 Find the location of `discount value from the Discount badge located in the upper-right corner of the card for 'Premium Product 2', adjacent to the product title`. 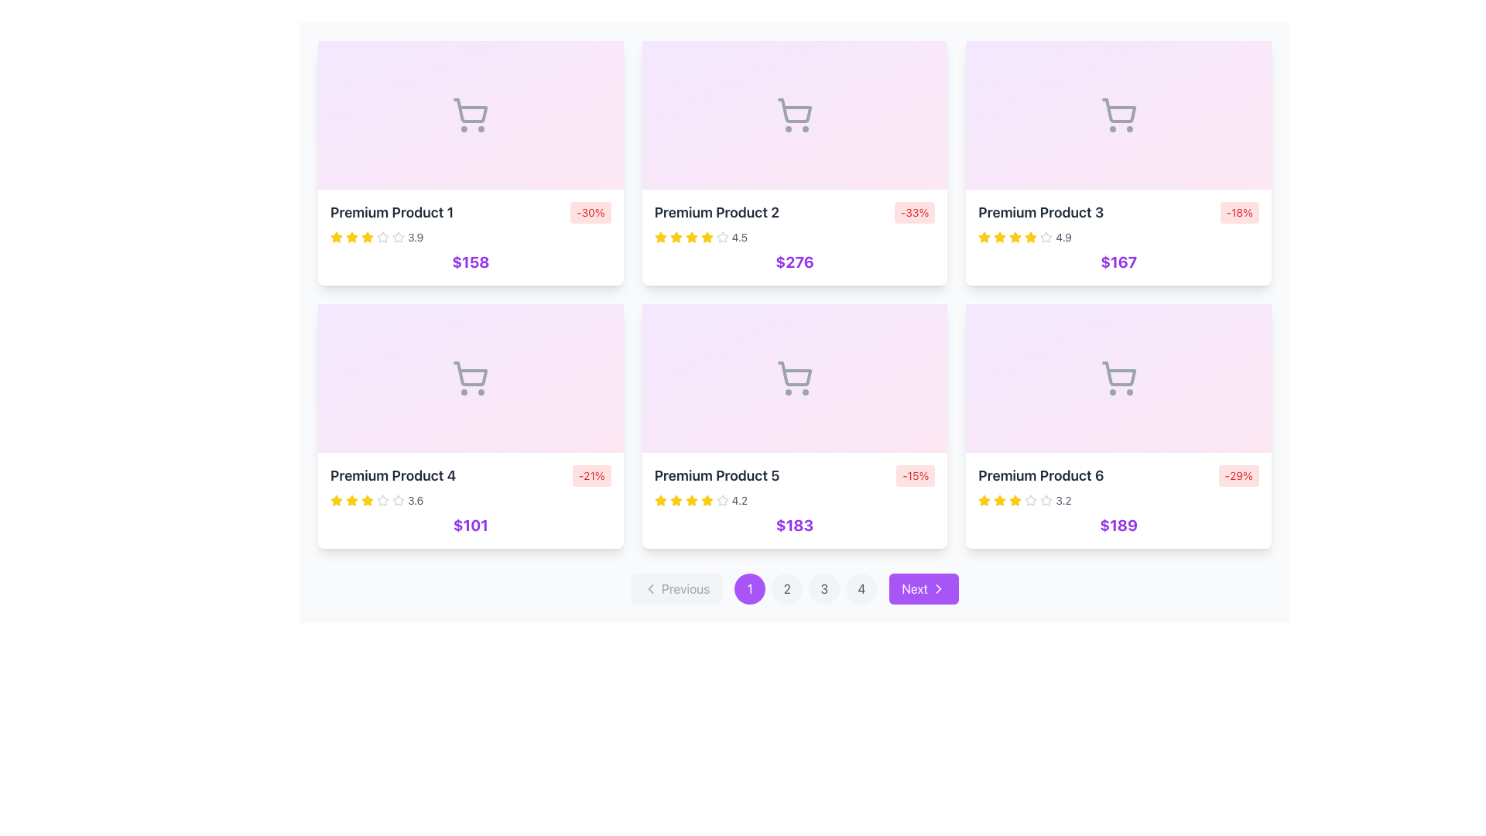

discount value from the Discount badge located in the upper-right corner of the card for 'Premium Product 2', adjacent to the product title is located at coordinates (915, 212).